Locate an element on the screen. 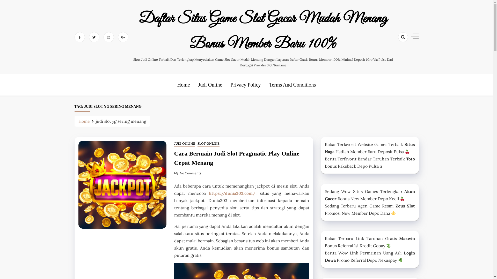 The height and width of the screenshot is (279, 497). 'Zeus Slot' is located at coordinates (405, 206).